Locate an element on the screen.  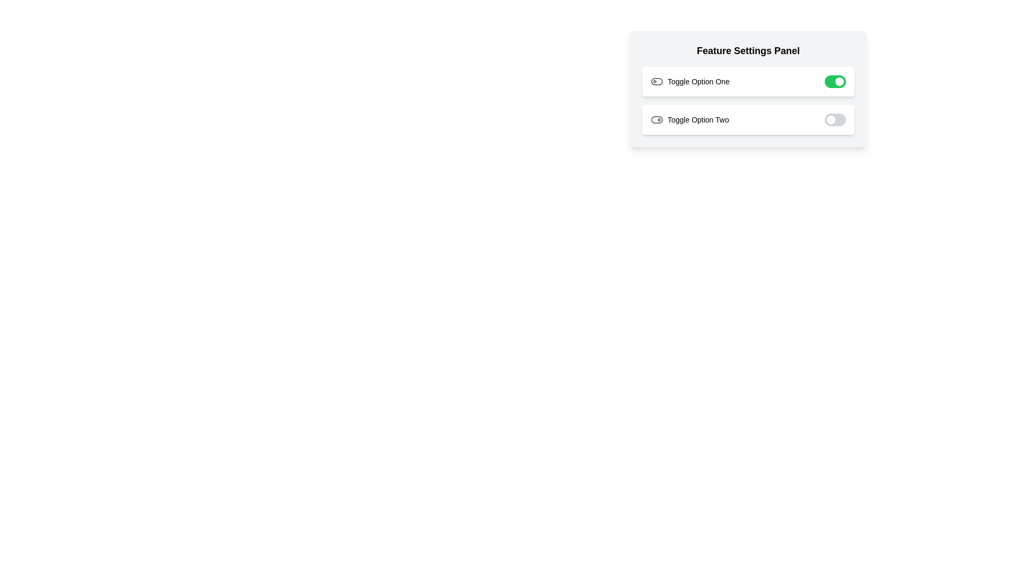
the toggle switch on the right side of the row labeled 'Toggle Option Two' in the 'Feature Settings Panel' is located at coordinates (835, 119).